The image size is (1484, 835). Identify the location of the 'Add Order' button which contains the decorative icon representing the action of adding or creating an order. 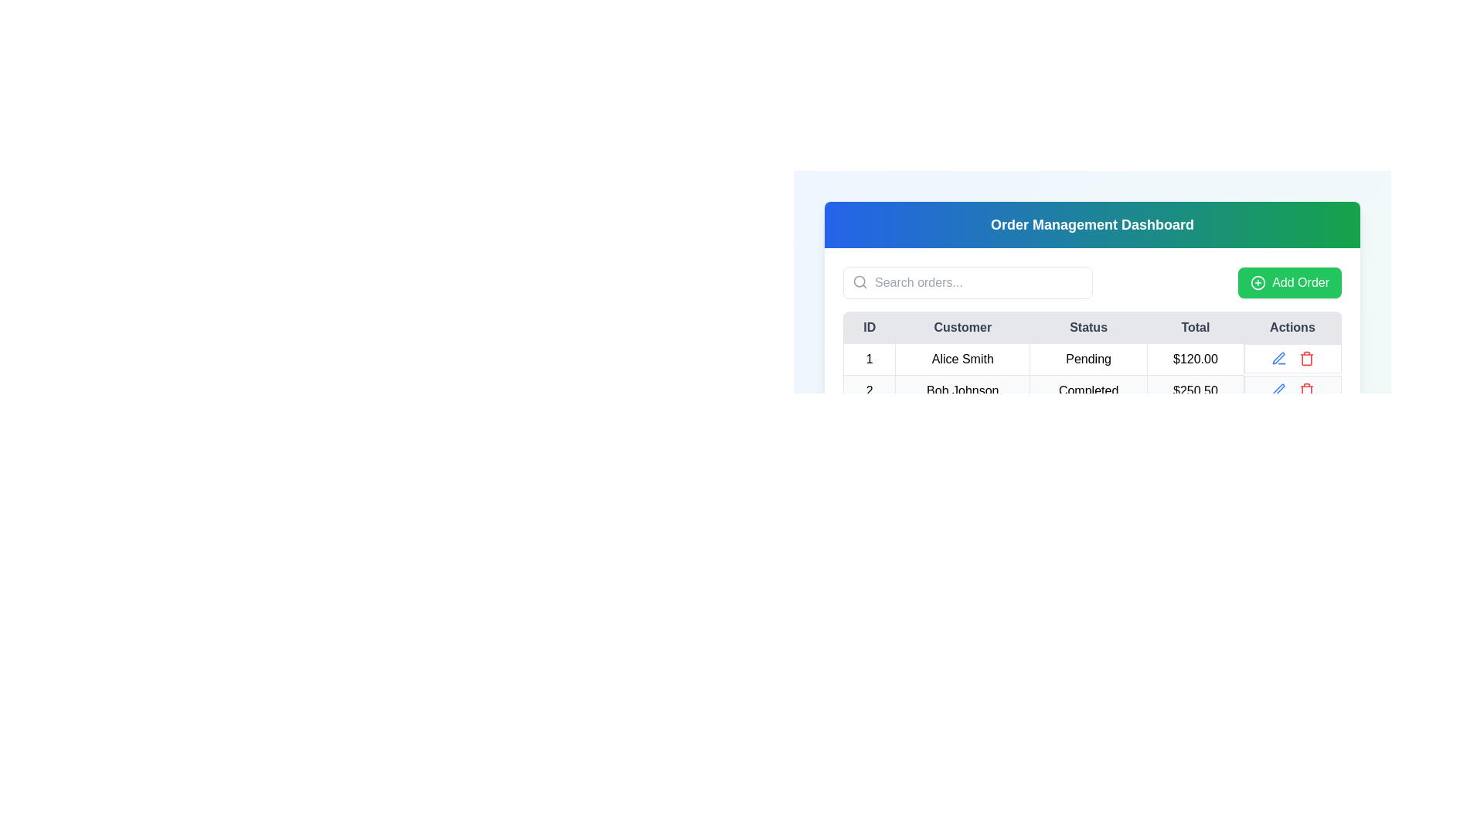
(1258, 283).